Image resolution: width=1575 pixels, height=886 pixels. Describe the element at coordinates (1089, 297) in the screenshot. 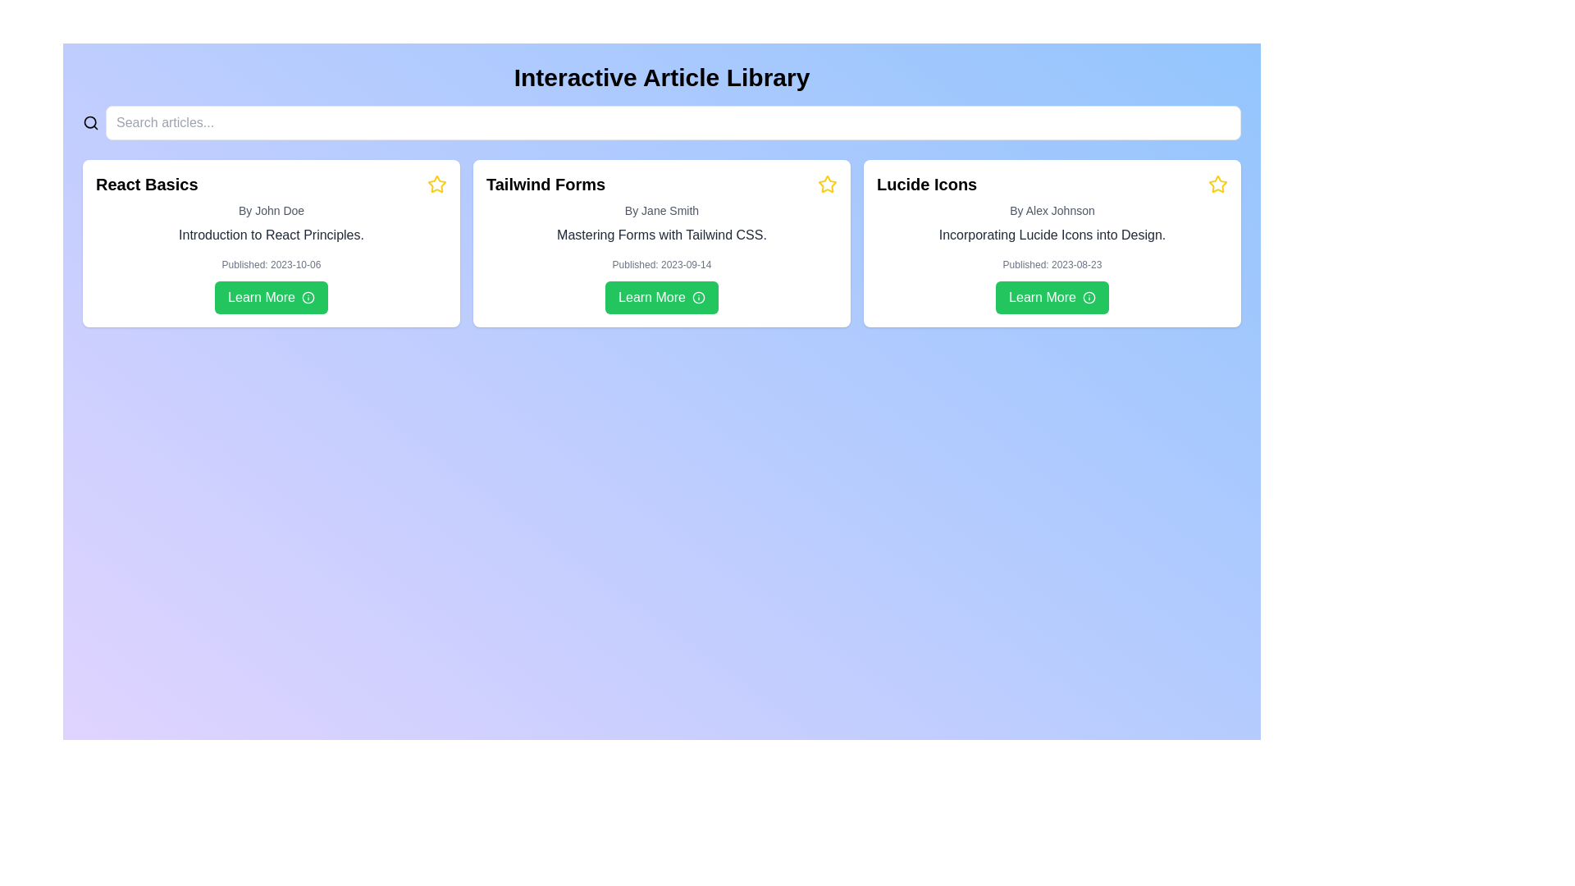

I see `the icon located at the right end of the 'Learn More' button in the 'Lucide Icons' section of the third article card` at that location.